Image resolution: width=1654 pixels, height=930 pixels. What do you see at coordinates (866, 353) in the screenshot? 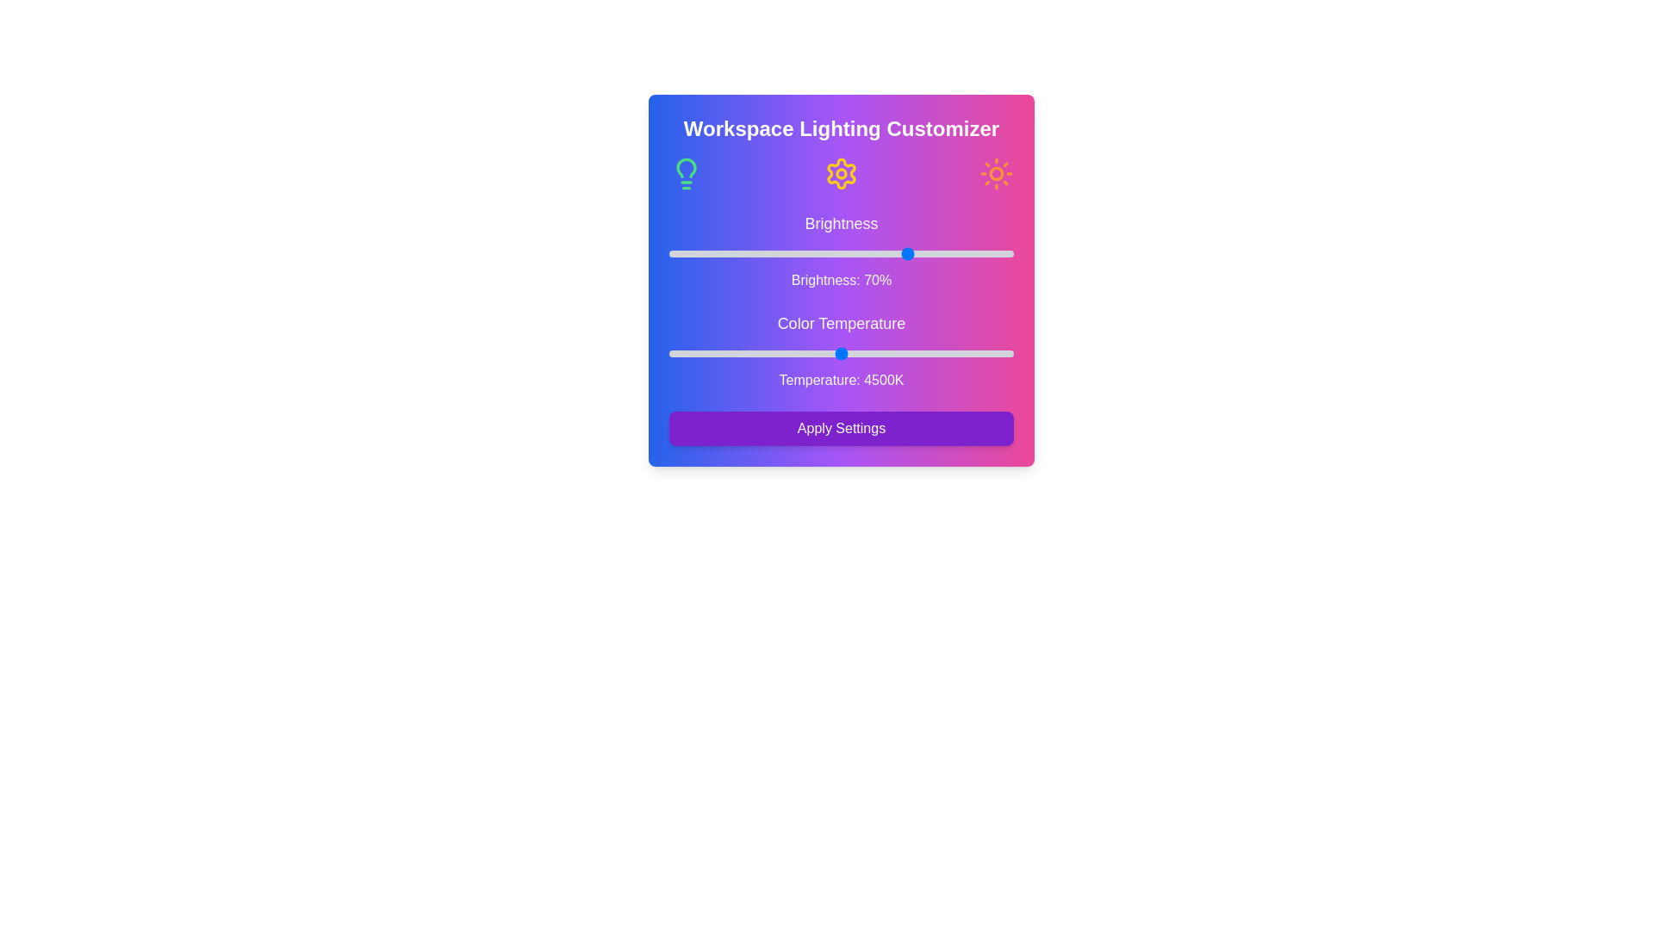
I see `the color temperature slider to 4788 K` at bounding box center [866, 353].